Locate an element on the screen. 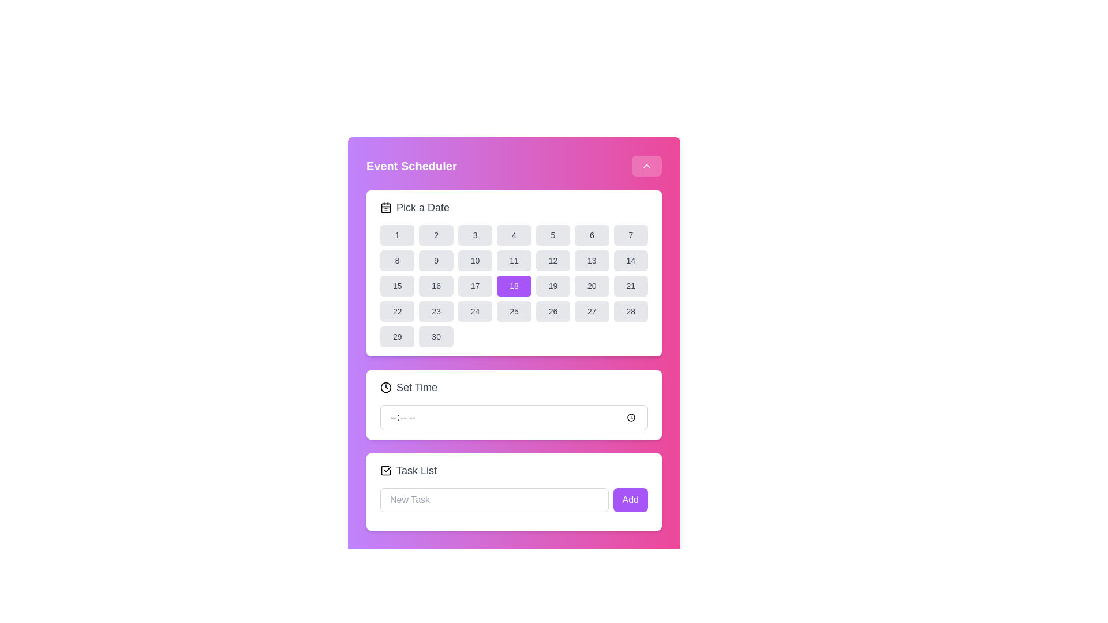 This screenshot has width=1108, height=623. the clock icon that represents the time setting feature, located to the left of the '--:-- --' text field in the 'Set Time' section is located at coordinates (385, 387).